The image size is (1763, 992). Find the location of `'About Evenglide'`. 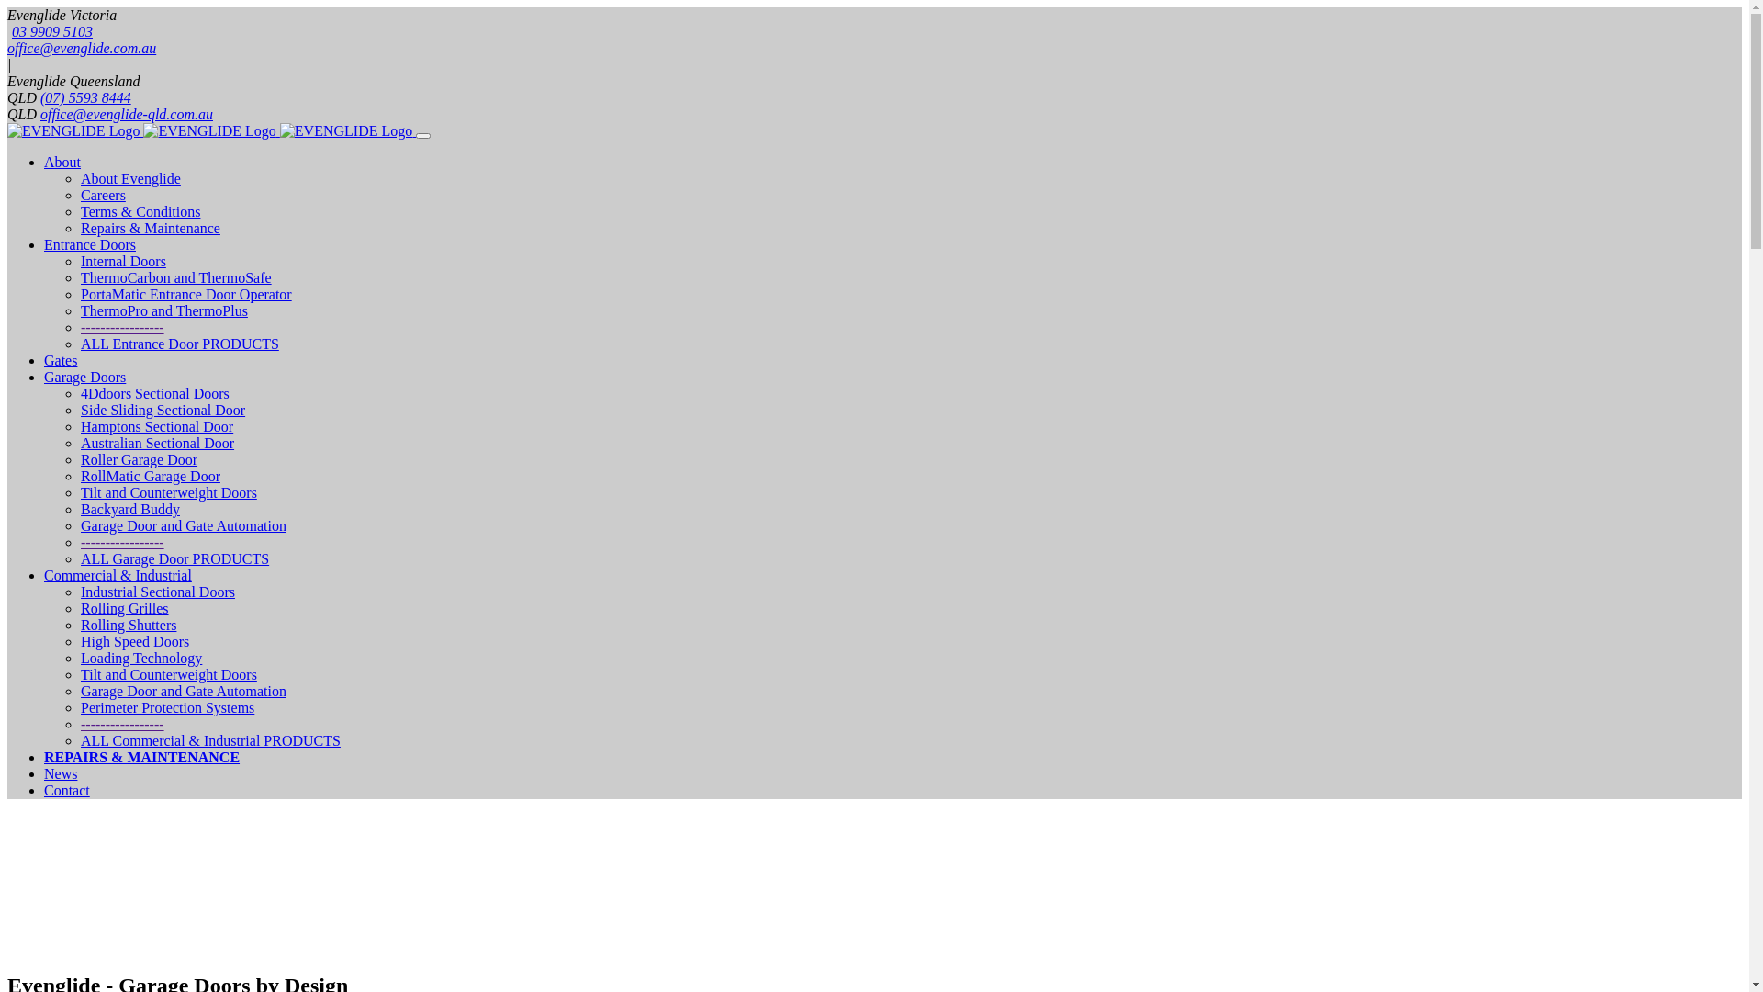

'About Evenglide' is located at coordinates (129, 178).